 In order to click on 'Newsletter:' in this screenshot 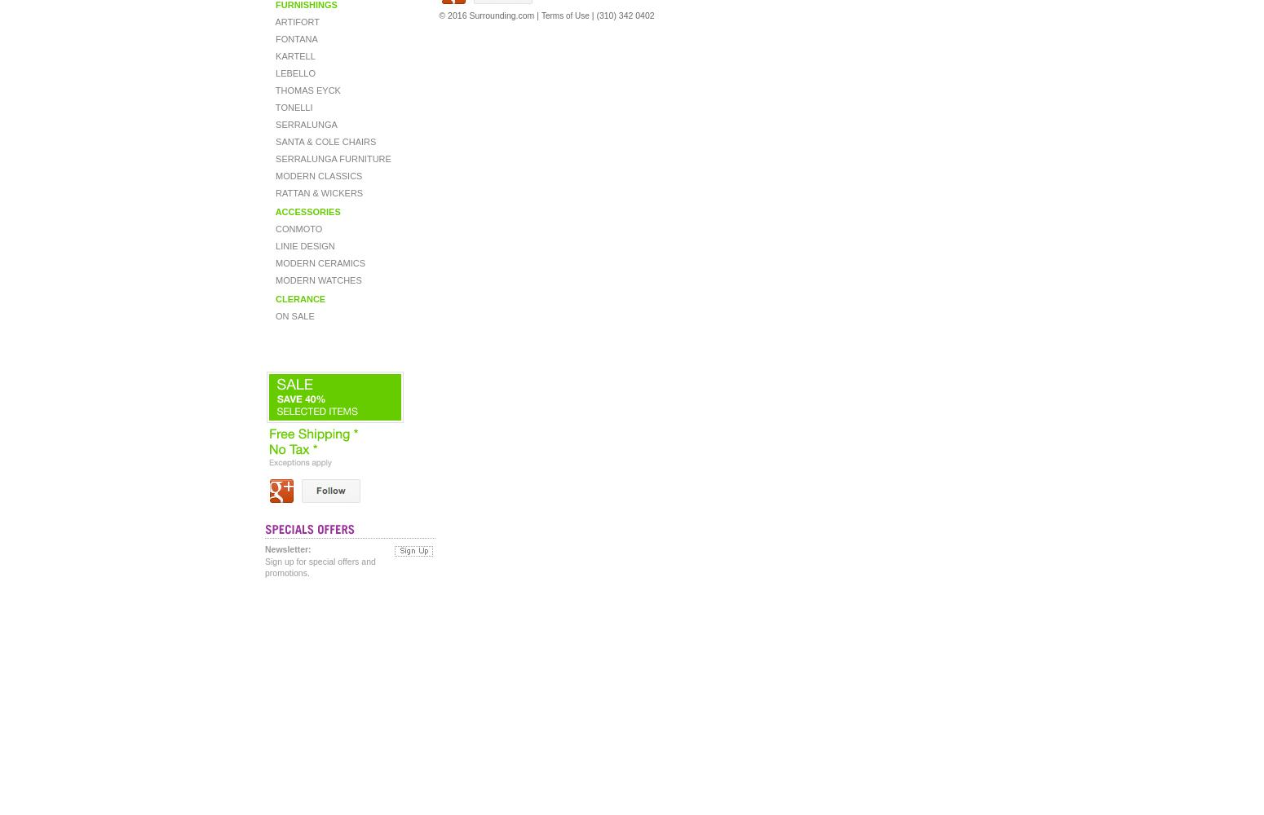, I will do `click(286, 549)`.